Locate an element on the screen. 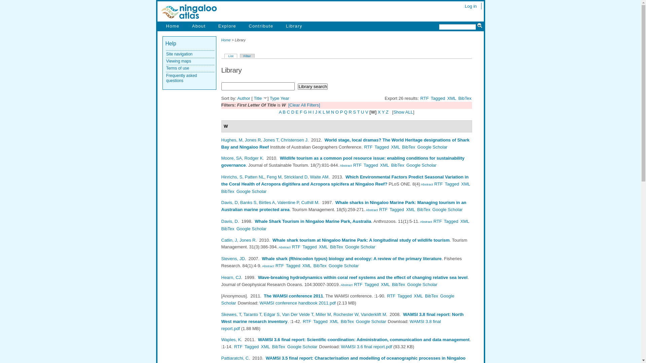 This screenshot has width=646, height=363. 'B' is located at coordinates (283, 112).